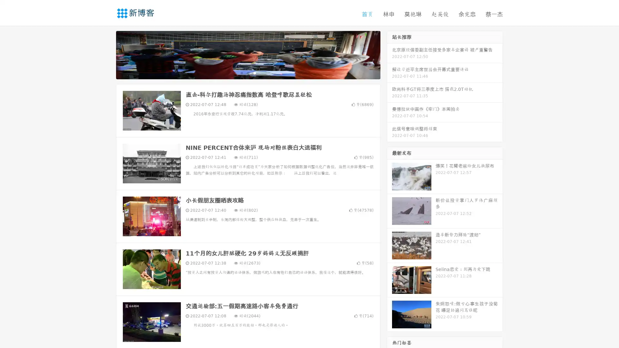  Describe the element at coordinates (248, 72) in the screenshot. I see `Go to slide 2` at that location.